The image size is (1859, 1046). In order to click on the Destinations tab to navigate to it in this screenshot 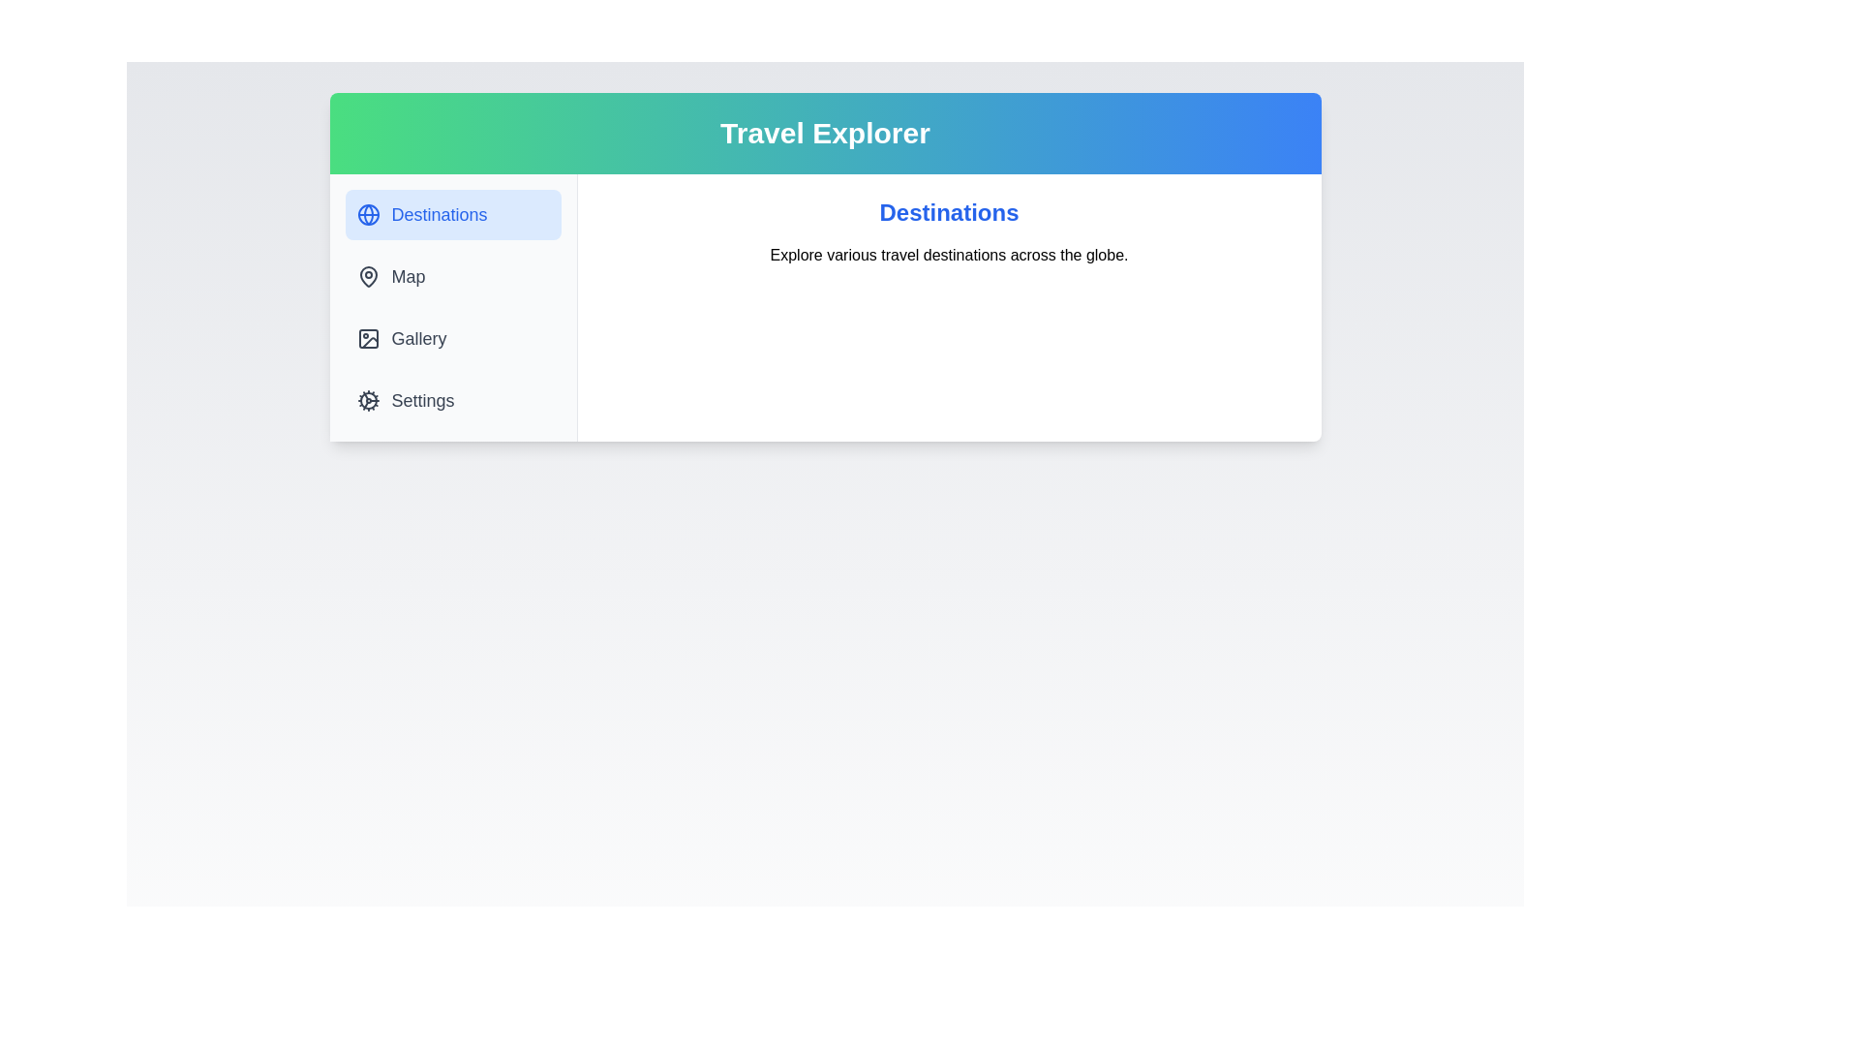, I will do `click(451, 215)`.